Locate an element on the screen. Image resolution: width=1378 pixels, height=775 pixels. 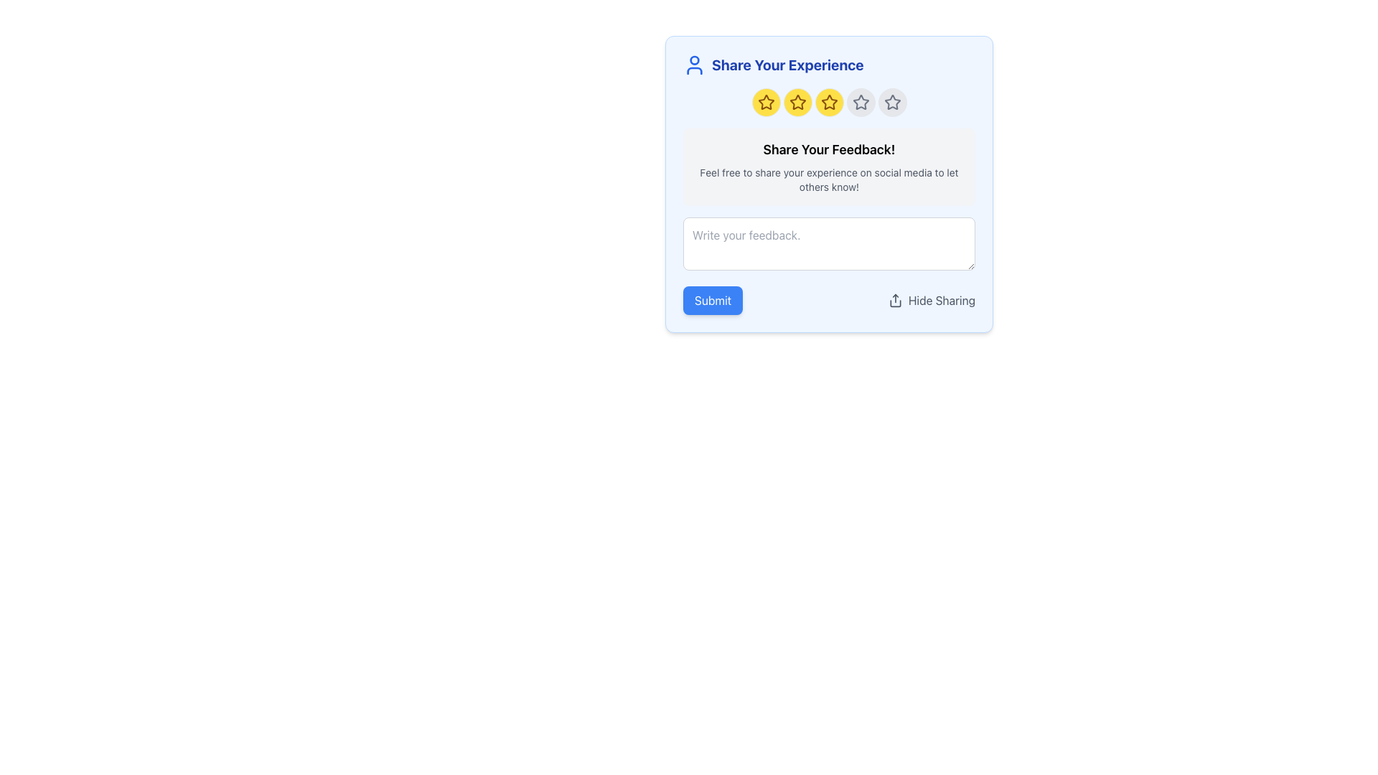
the star rating button located at the end of a horizontal row of five circular buttons in the feedback section titled 'Share Your Experience' is located at coordinates (891, 101).